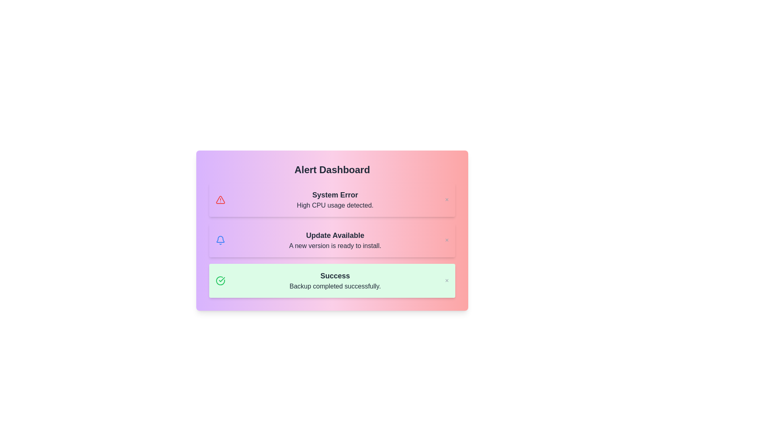  Describe the element at coordinates (446, 199) in the screenshot. I see `the close button to dismiss the notification with title 'System Error'` at that location.